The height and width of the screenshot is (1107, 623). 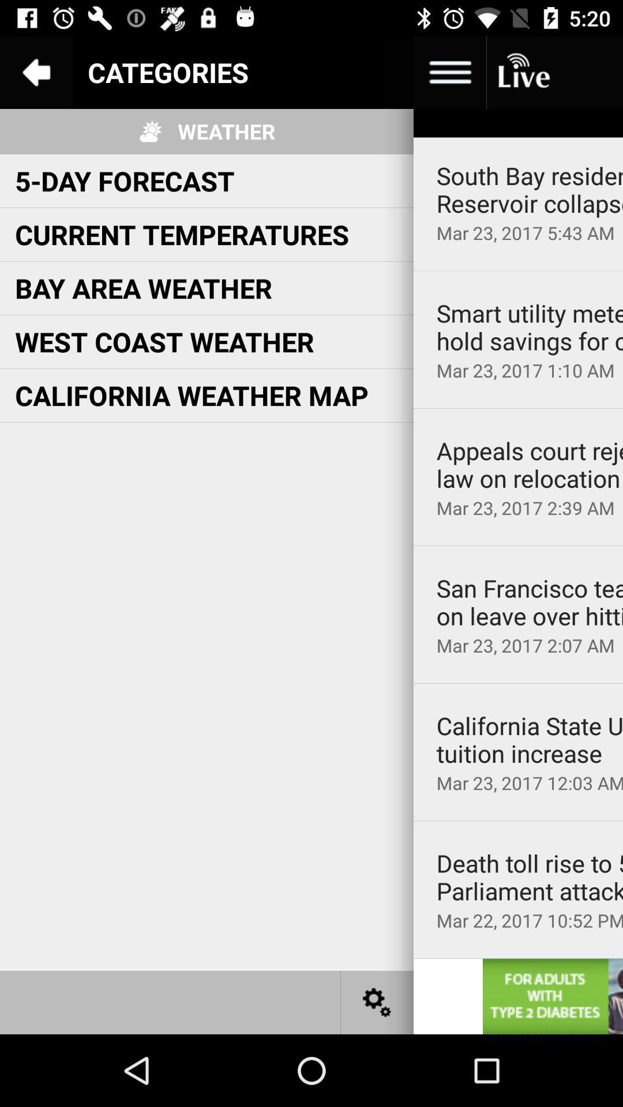 I want to click on menu page, so click(x=377, y=71).